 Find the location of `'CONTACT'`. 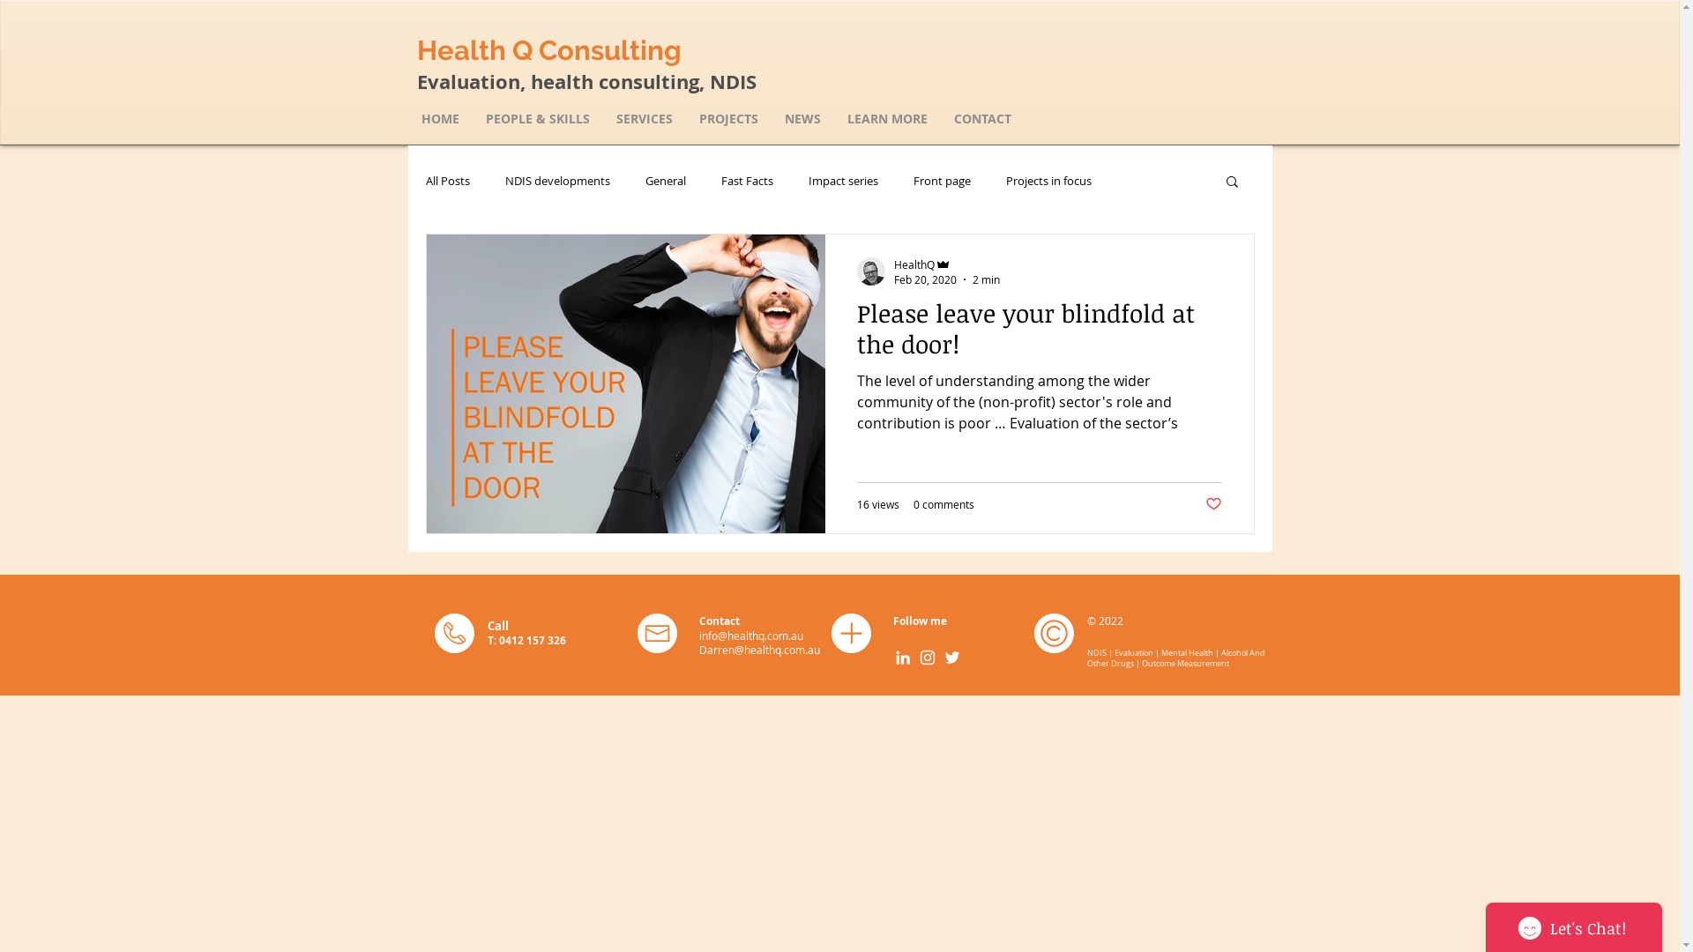

'CONTACT' is located at coordinates (938, 118).